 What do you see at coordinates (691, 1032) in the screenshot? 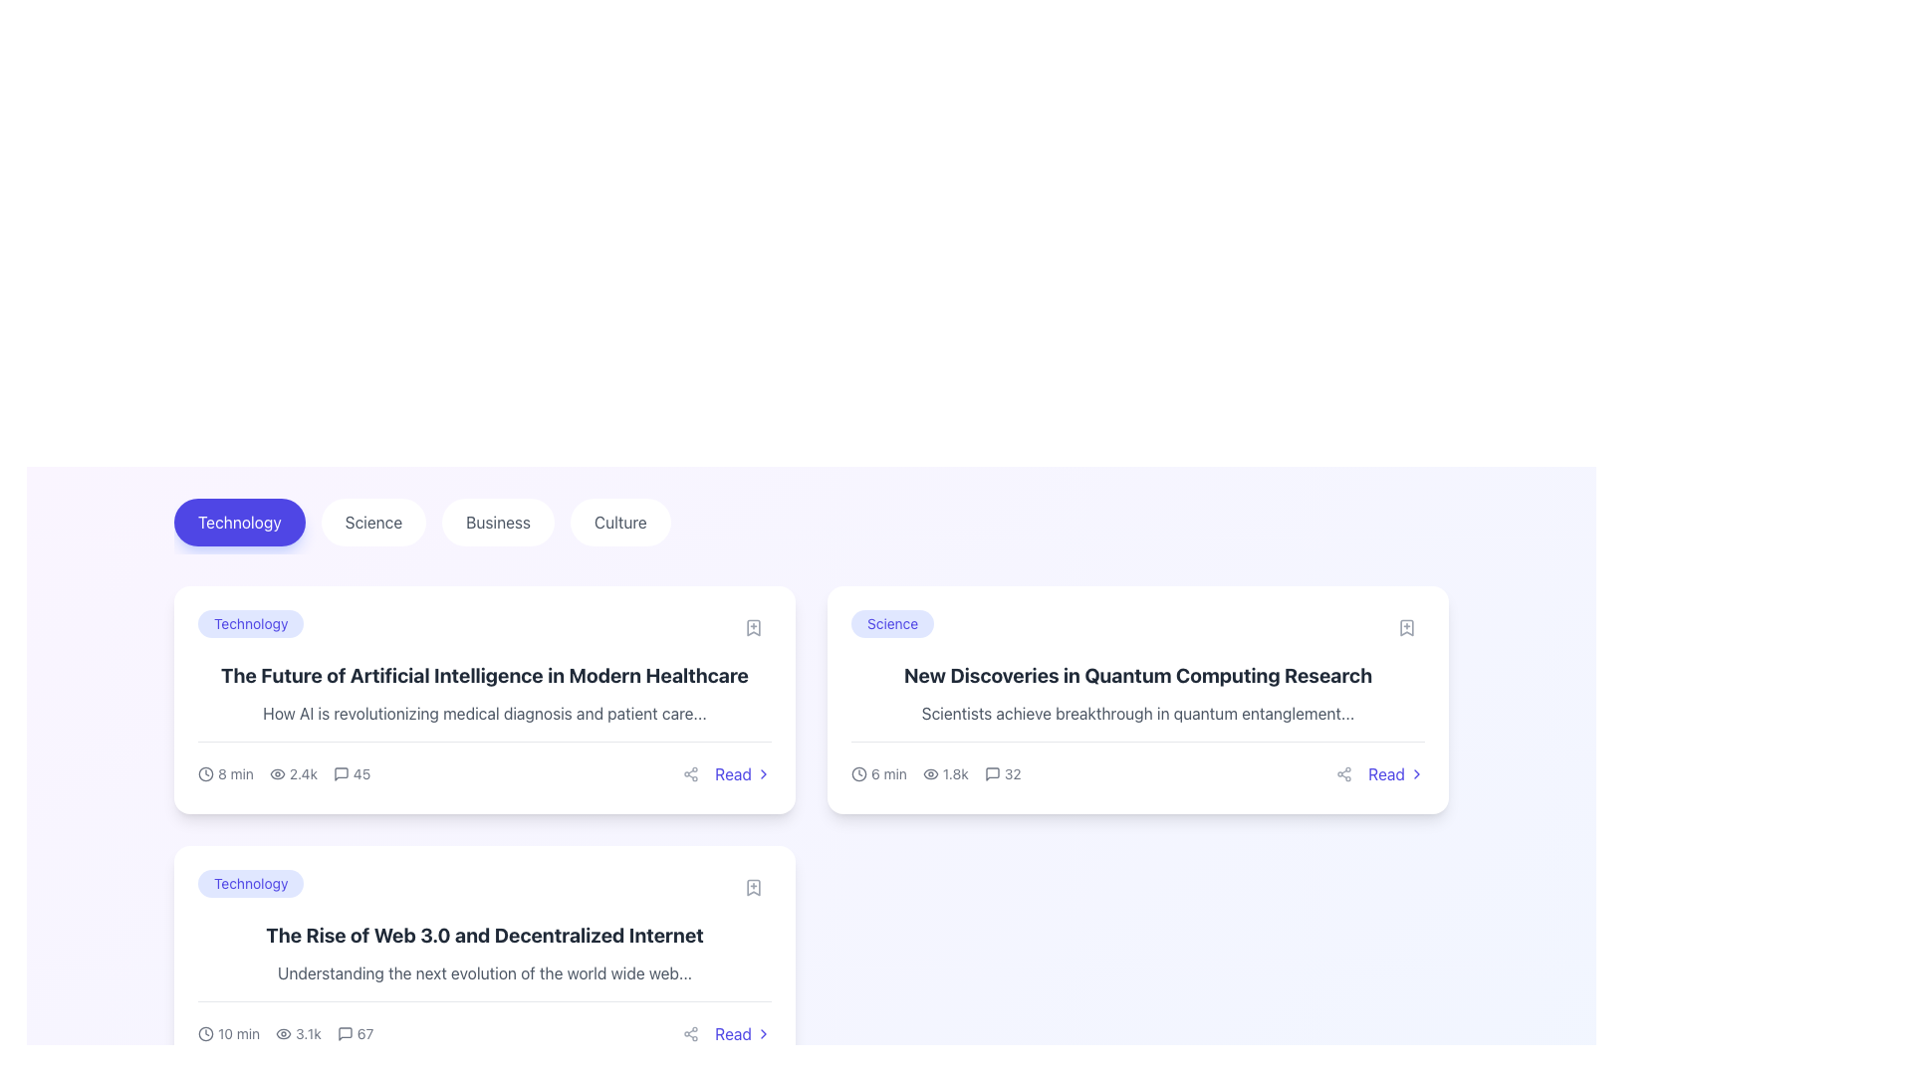
I see `the circular icon featuring a symbol of three dots interconnected by two lines, located in the footer of the card titled 'The Rise of Web 3.0 and Decentralized Internet'` at bounding box center [691, 1032].